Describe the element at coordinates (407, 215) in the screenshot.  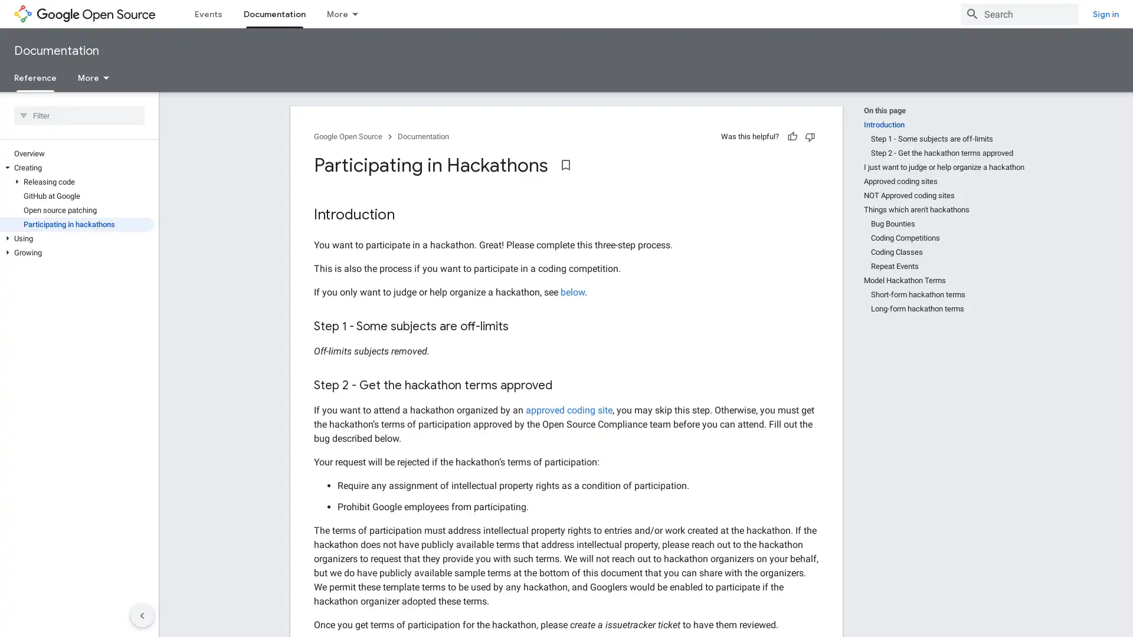
I see `Copy link to this section: Introduction` at that location.